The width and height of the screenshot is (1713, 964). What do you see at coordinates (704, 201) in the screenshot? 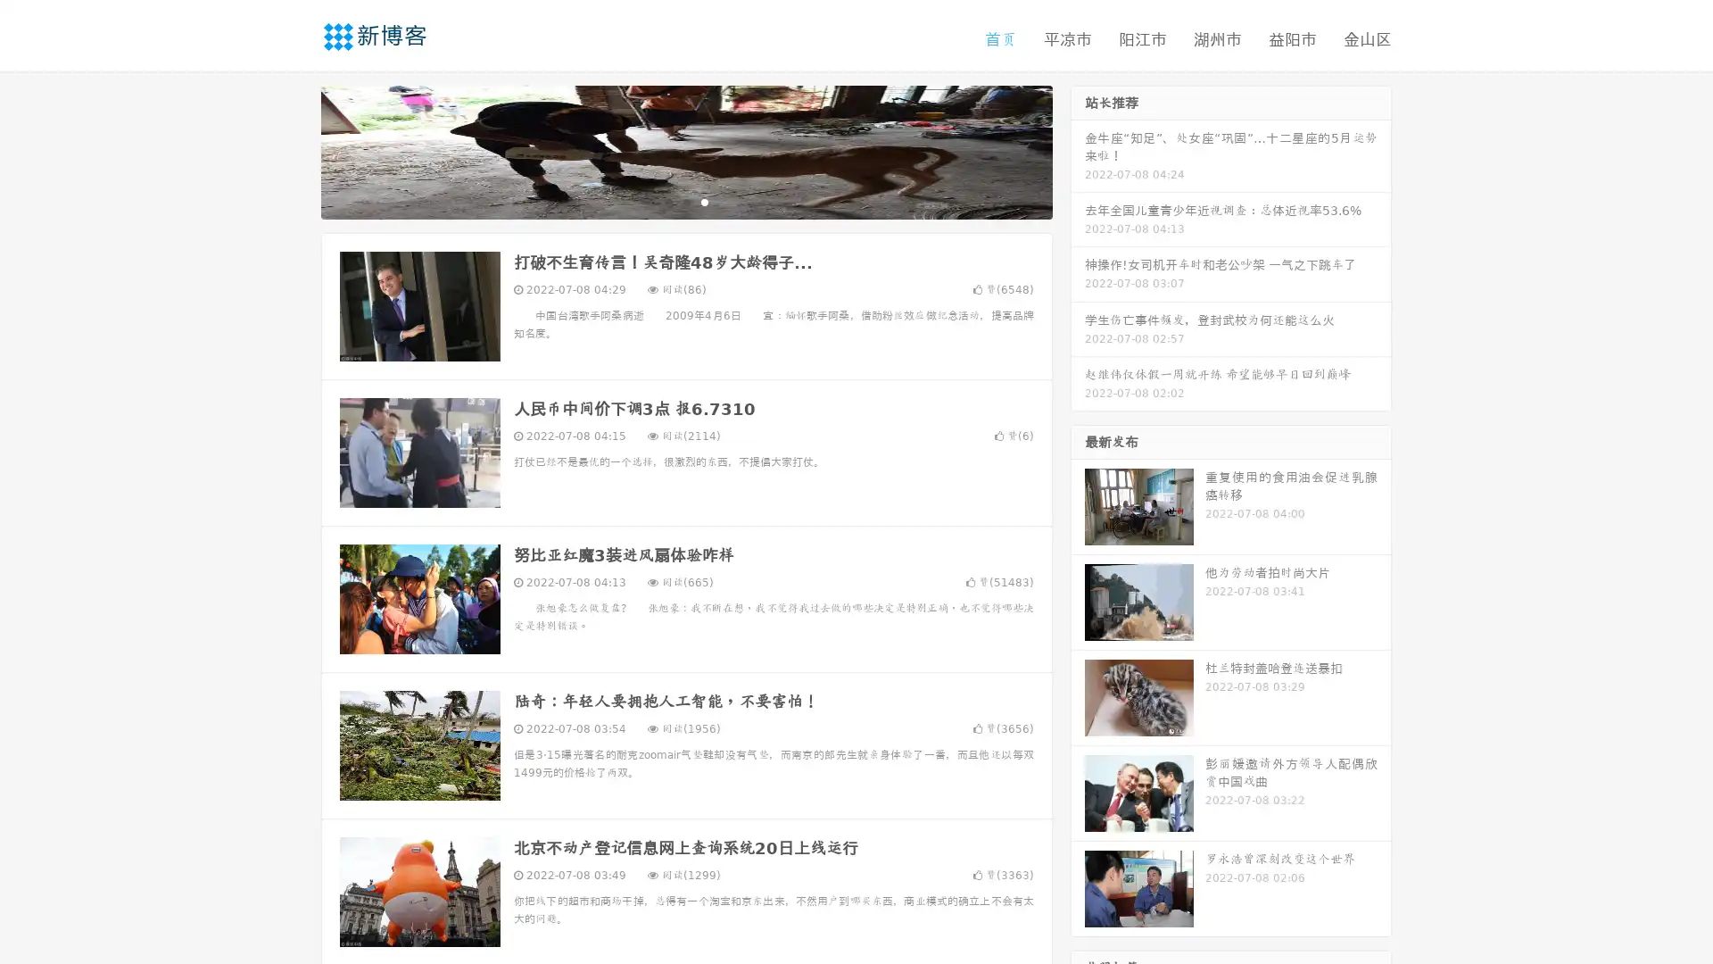
I see `Go to slide 3` at bounding box center [704, 201].